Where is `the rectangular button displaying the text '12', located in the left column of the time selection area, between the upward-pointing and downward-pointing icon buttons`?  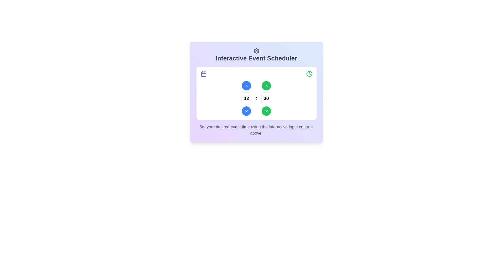
the rectangular button displaying the text '12', located in the left column of the time selection area, between the upward-pointing and downward-pointing icon buttons is located at coordinates (246, 98).